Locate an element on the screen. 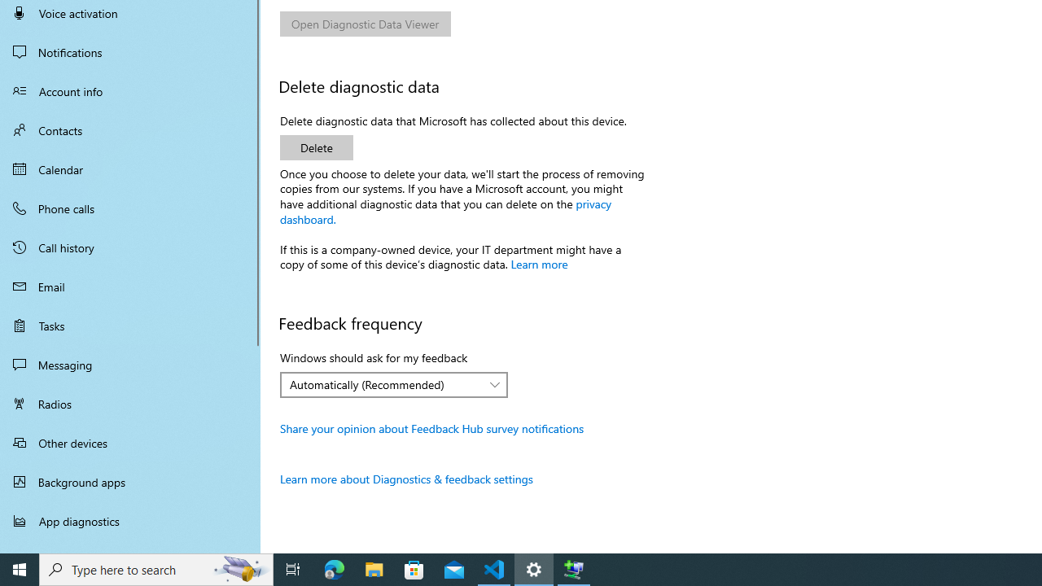 The height and width of the screenshot is (586, 1042). 'App diagnostics' is located at coordinates (130, 521).